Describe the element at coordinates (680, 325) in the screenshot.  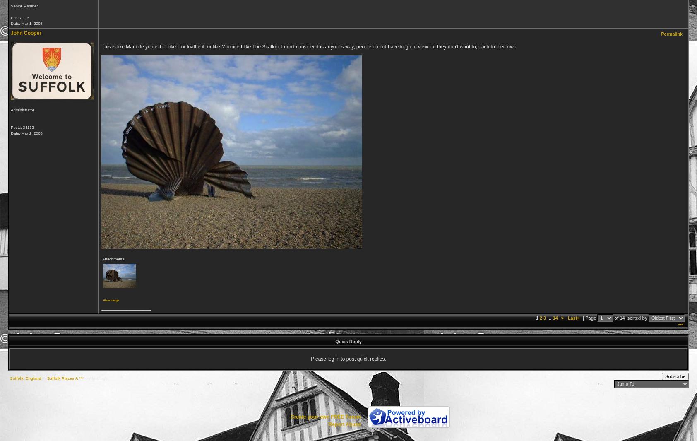
I see `'***'` at that location.